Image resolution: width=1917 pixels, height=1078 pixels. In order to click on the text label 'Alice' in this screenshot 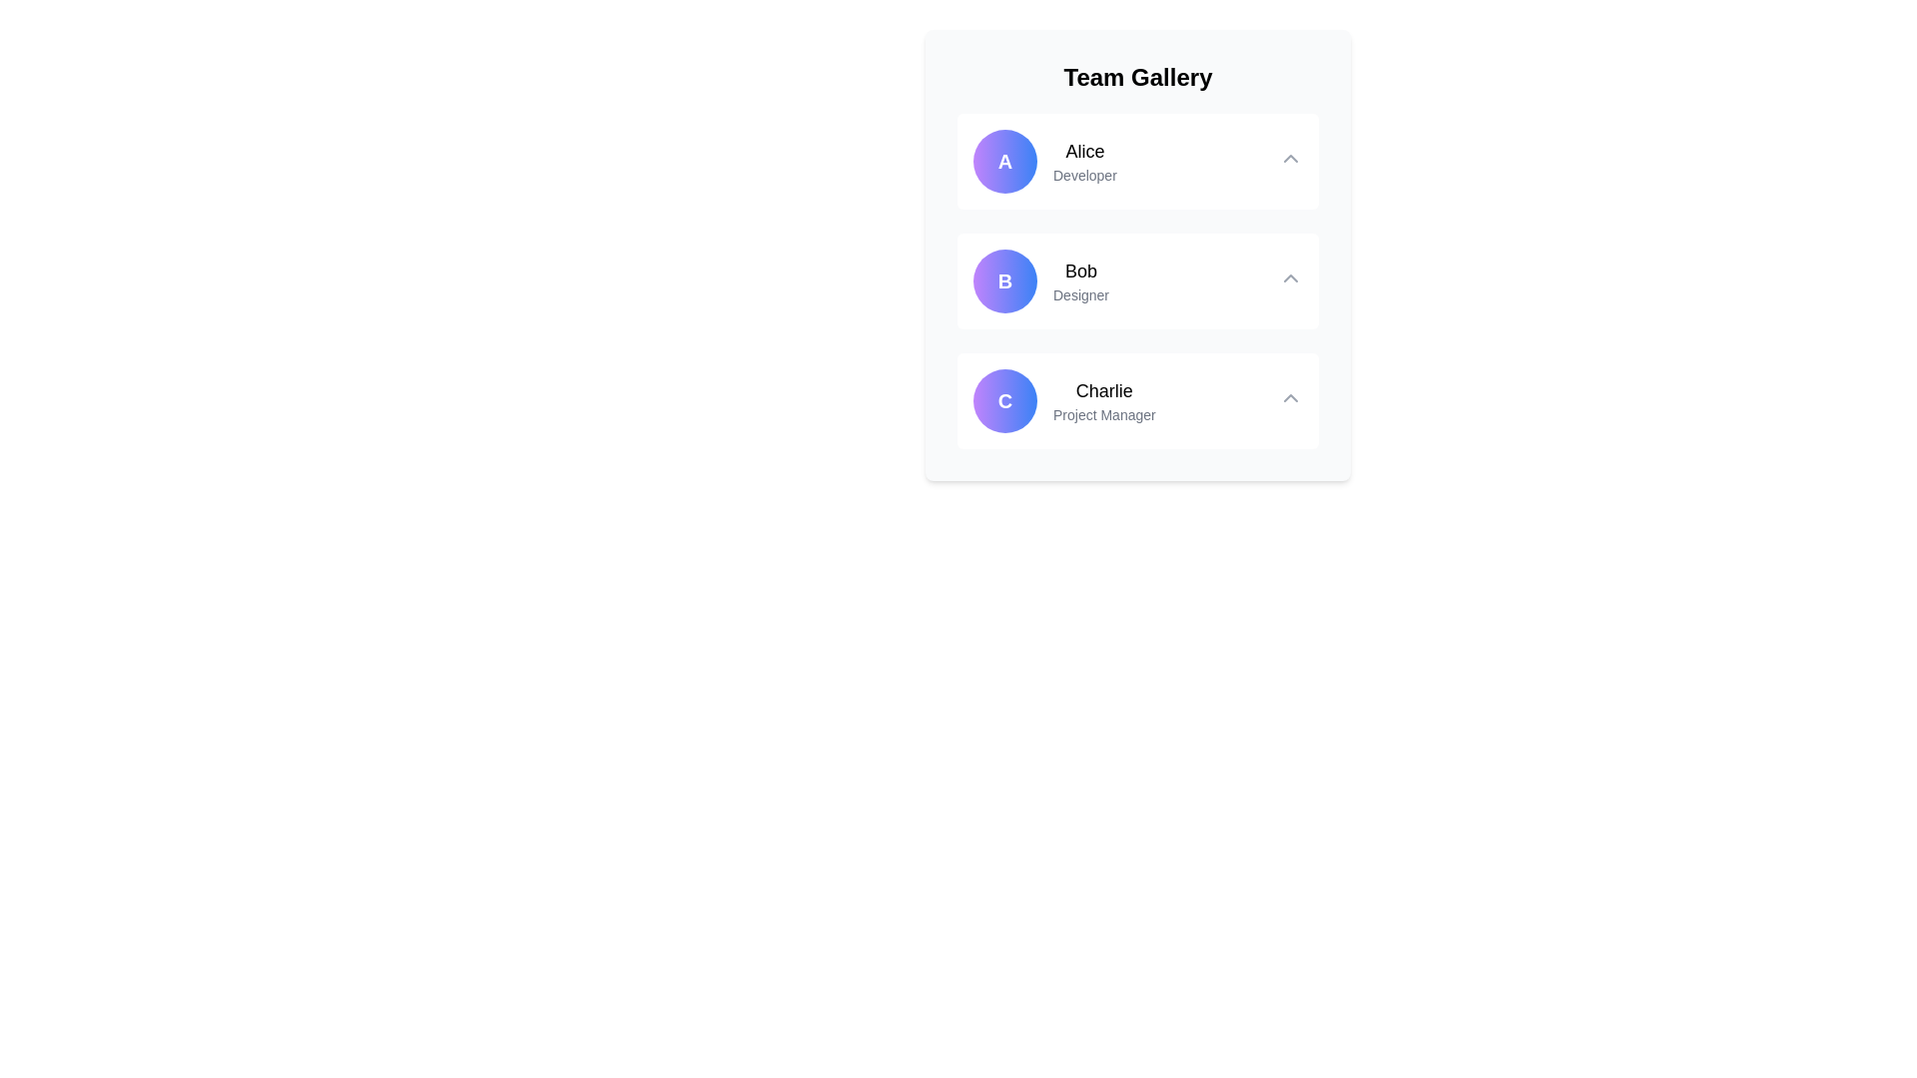, I will do `click(1083, 150)`.